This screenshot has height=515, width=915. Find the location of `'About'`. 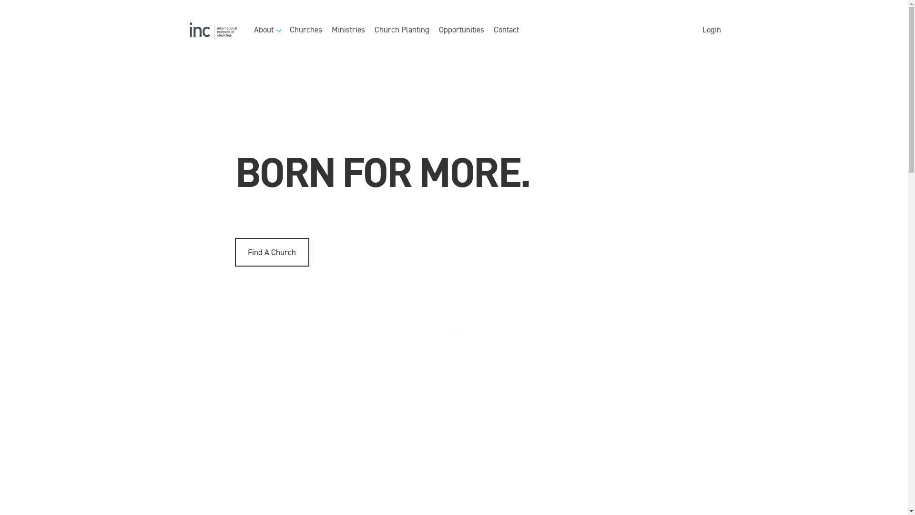

'About' is located at coordinates (266, 30).